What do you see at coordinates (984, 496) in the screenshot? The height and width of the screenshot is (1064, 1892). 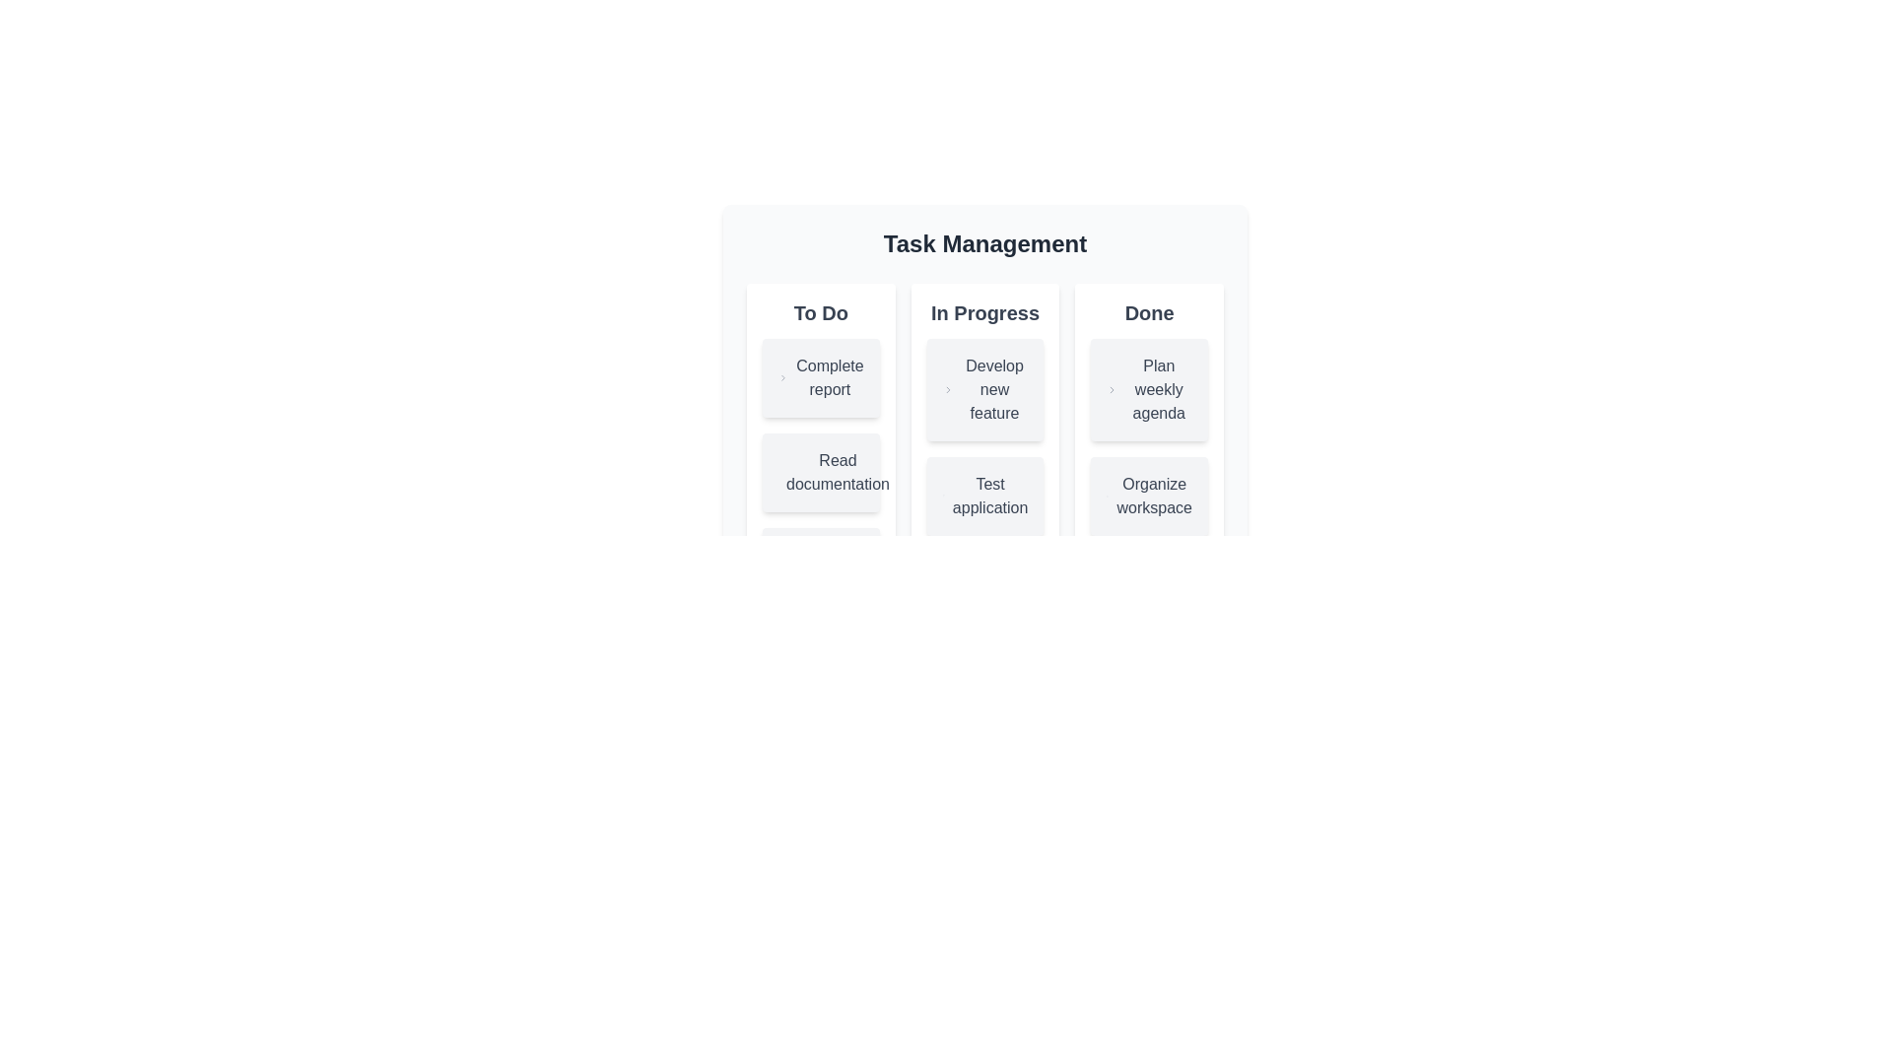 I see `the 'Test application' task card located in the 'In Progress' column of the 'Task Management' interface` at bounding box center [984, 496].